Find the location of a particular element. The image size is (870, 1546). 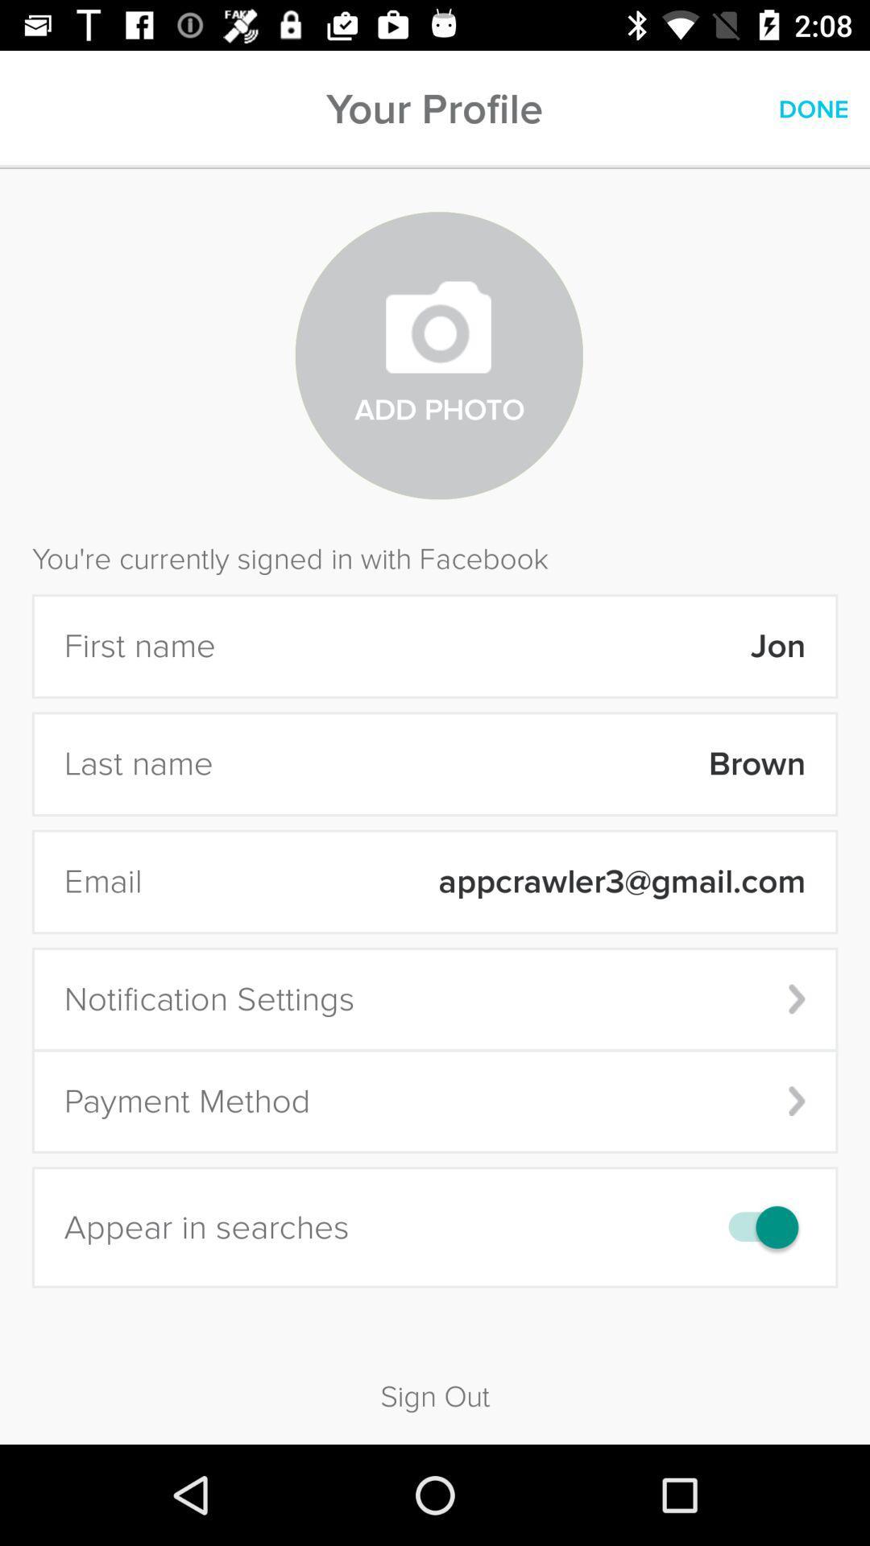

appcrawler3@gmail.com is located at coordinates (483, 881).